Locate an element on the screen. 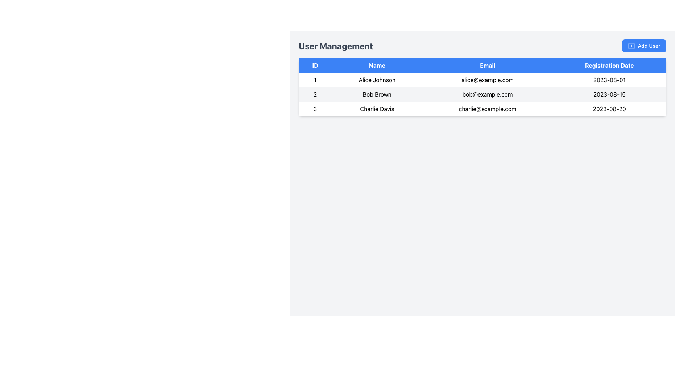 This screenshot has height=391, width=696. the text field displaying the number '3' in the leftmost column of the table under the 'ID' header, which is in the third row containing details about 'Charlie Davis' is located at coordinates (315, 109).